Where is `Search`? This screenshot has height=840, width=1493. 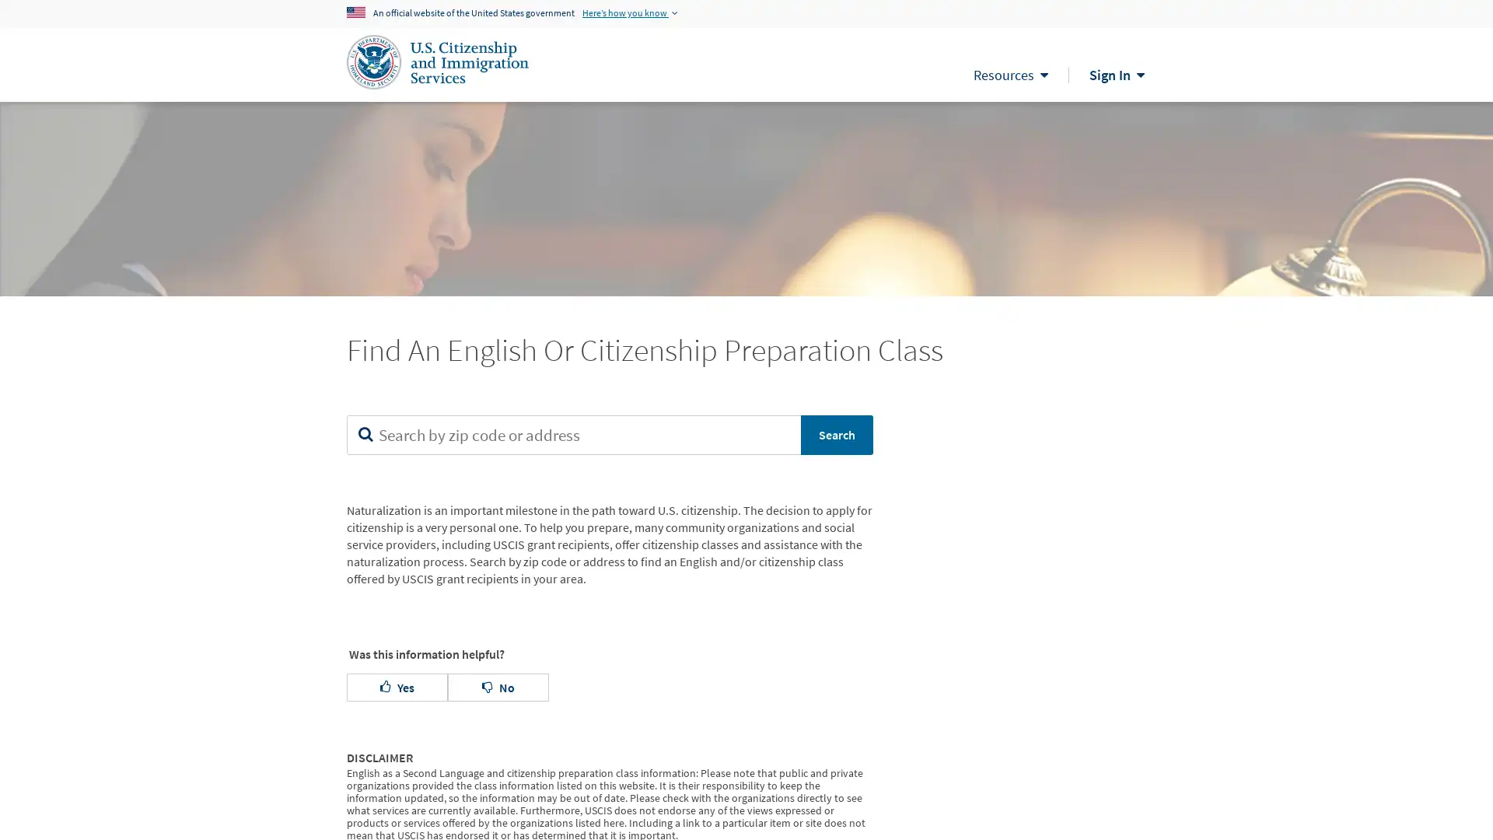 Search is located at coordinates (835, 435).